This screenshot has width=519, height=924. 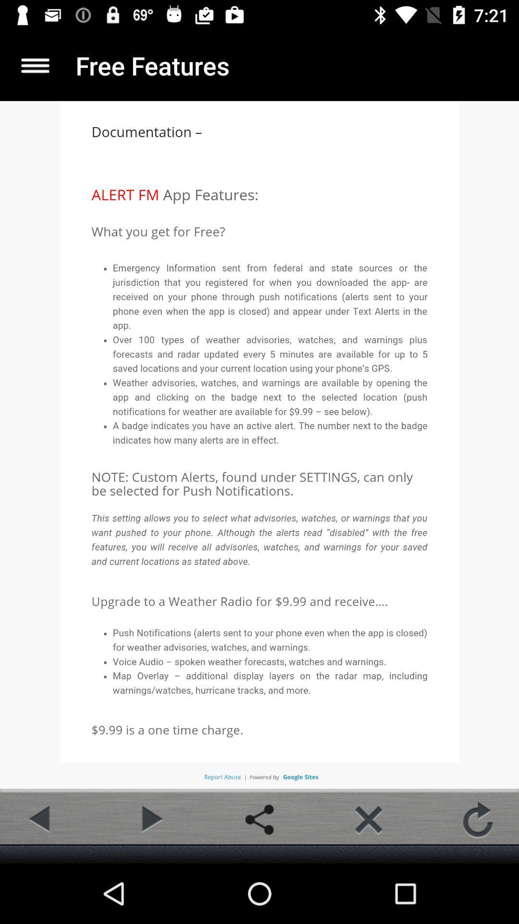 What do you see at coordinates (40, 819) in the screenshot?
I see `the arrow_backward icon` at bounding box center [40, 819].